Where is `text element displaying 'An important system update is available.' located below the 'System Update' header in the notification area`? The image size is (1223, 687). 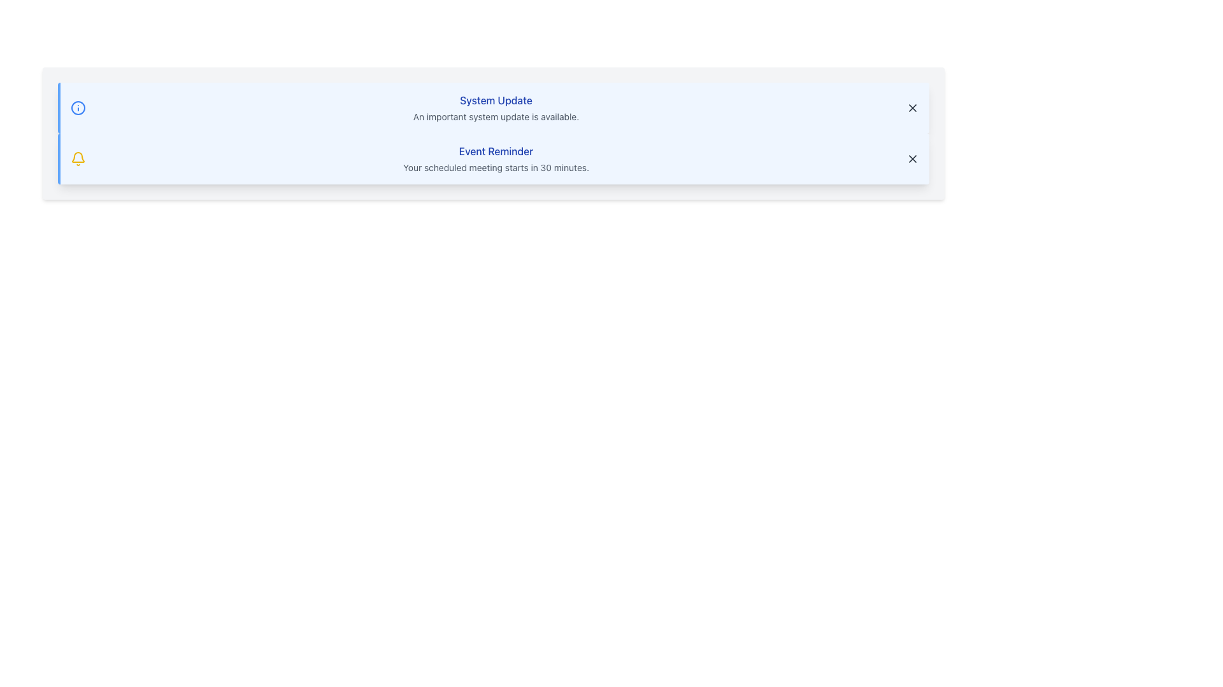 text element displaying 'An important system update is available.' located below the 'System Update' header in the notification area is located at coordinates (495, 117).